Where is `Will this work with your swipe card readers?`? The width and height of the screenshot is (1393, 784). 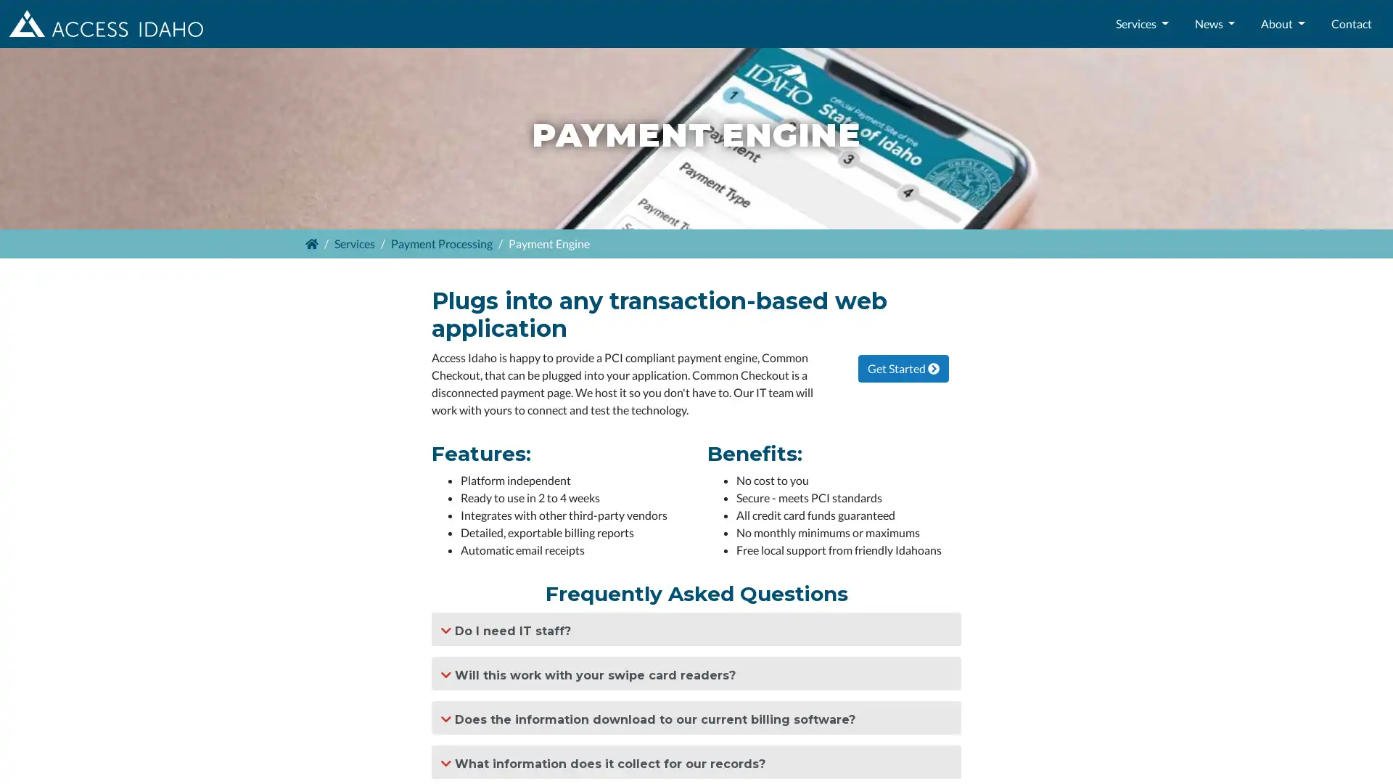 Will this work with your swipe card readers? is located at coordinates (696, 673).